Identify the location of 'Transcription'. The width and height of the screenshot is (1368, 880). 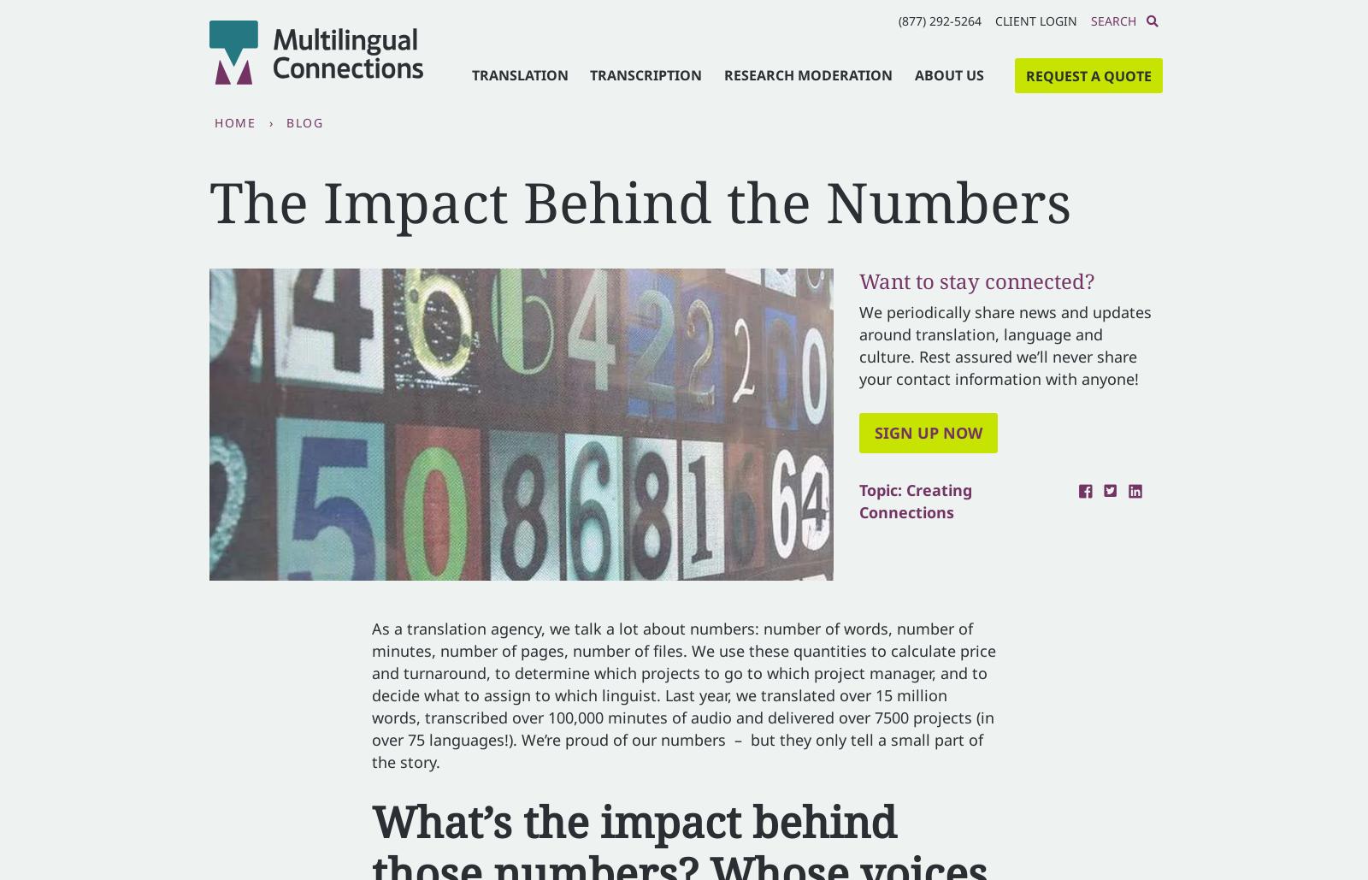
(646, 74).